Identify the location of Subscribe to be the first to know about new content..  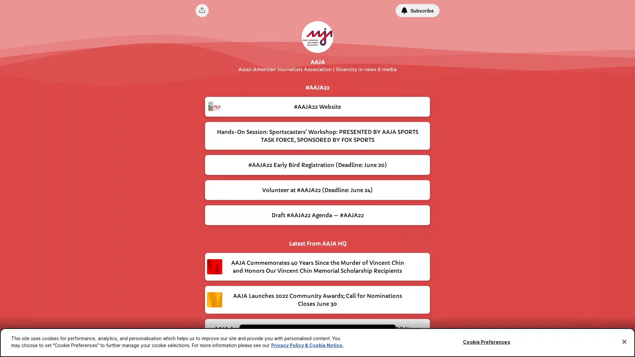
(313, 337).